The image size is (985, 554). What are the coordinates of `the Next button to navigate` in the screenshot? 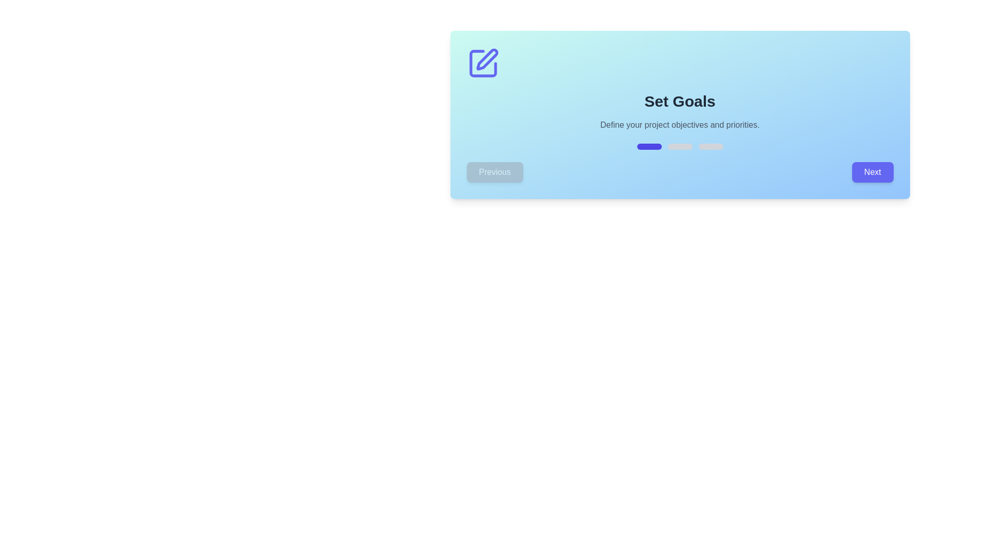 It's located at (872, 171).